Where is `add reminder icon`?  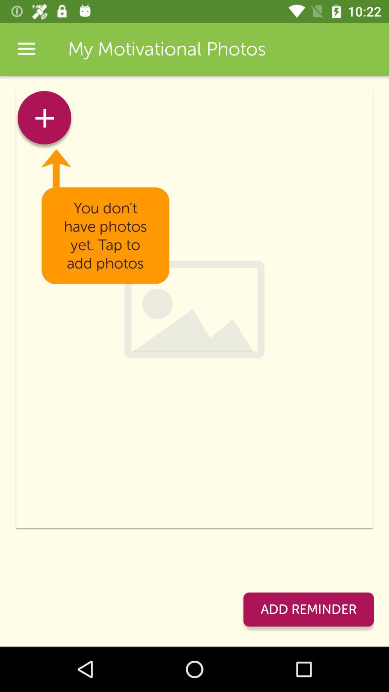 add reminder icon is located at coordinates (308, 609).